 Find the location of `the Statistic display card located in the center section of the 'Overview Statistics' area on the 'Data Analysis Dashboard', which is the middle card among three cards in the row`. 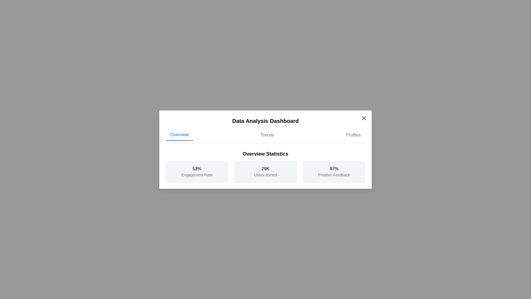

the Statistic display card located in the center section of the 'Overview Statistics' area on the 'Data Analysis Dashboard', which is the middle card among three cards in the row is located at coordinates (265, 166).